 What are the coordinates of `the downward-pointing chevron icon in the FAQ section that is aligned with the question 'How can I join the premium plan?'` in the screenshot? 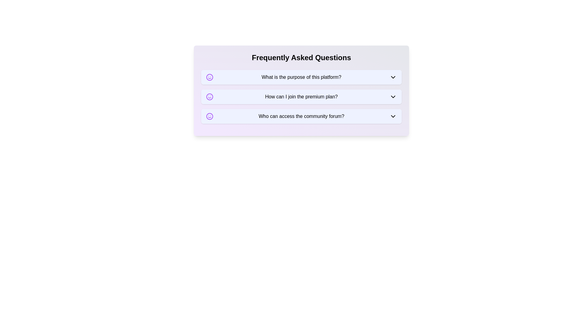 It's located at (393, 96).